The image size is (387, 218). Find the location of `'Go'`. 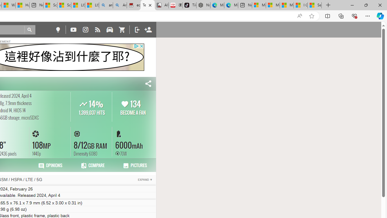

'Go' is located at coordinates (30, 30).